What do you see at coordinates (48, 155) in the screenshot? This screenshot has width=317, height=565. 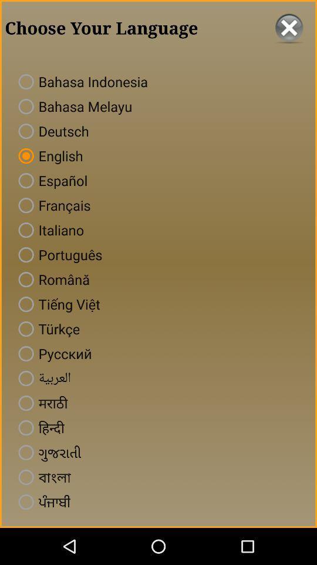 I see `english` at bounding box center [48, 155].